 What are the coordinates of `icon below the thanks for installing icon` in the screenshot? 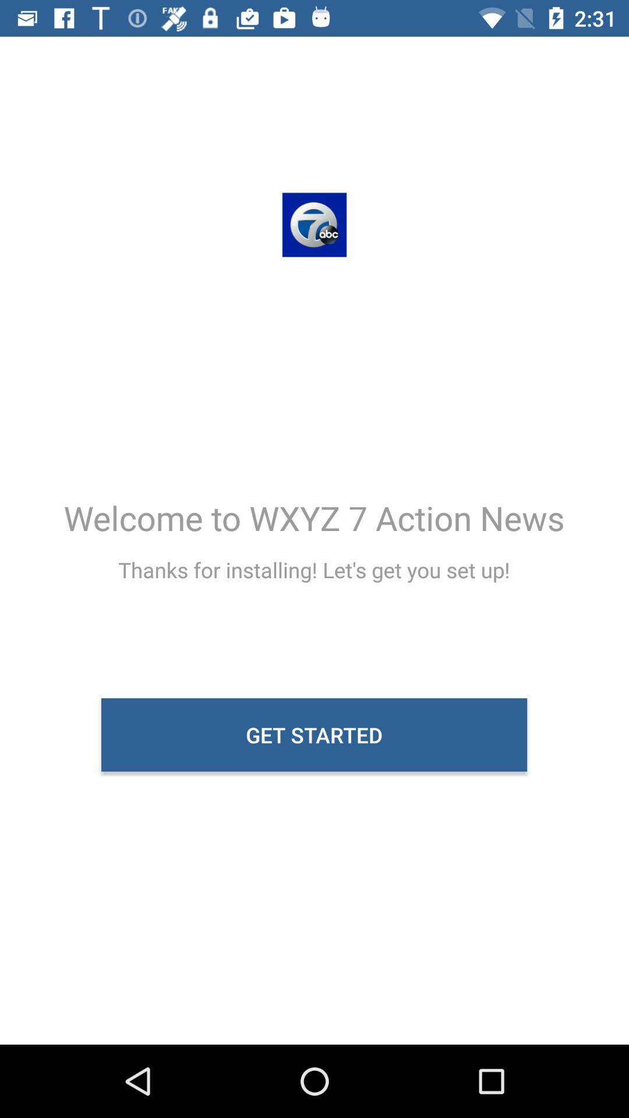 It's located at (313, 734).